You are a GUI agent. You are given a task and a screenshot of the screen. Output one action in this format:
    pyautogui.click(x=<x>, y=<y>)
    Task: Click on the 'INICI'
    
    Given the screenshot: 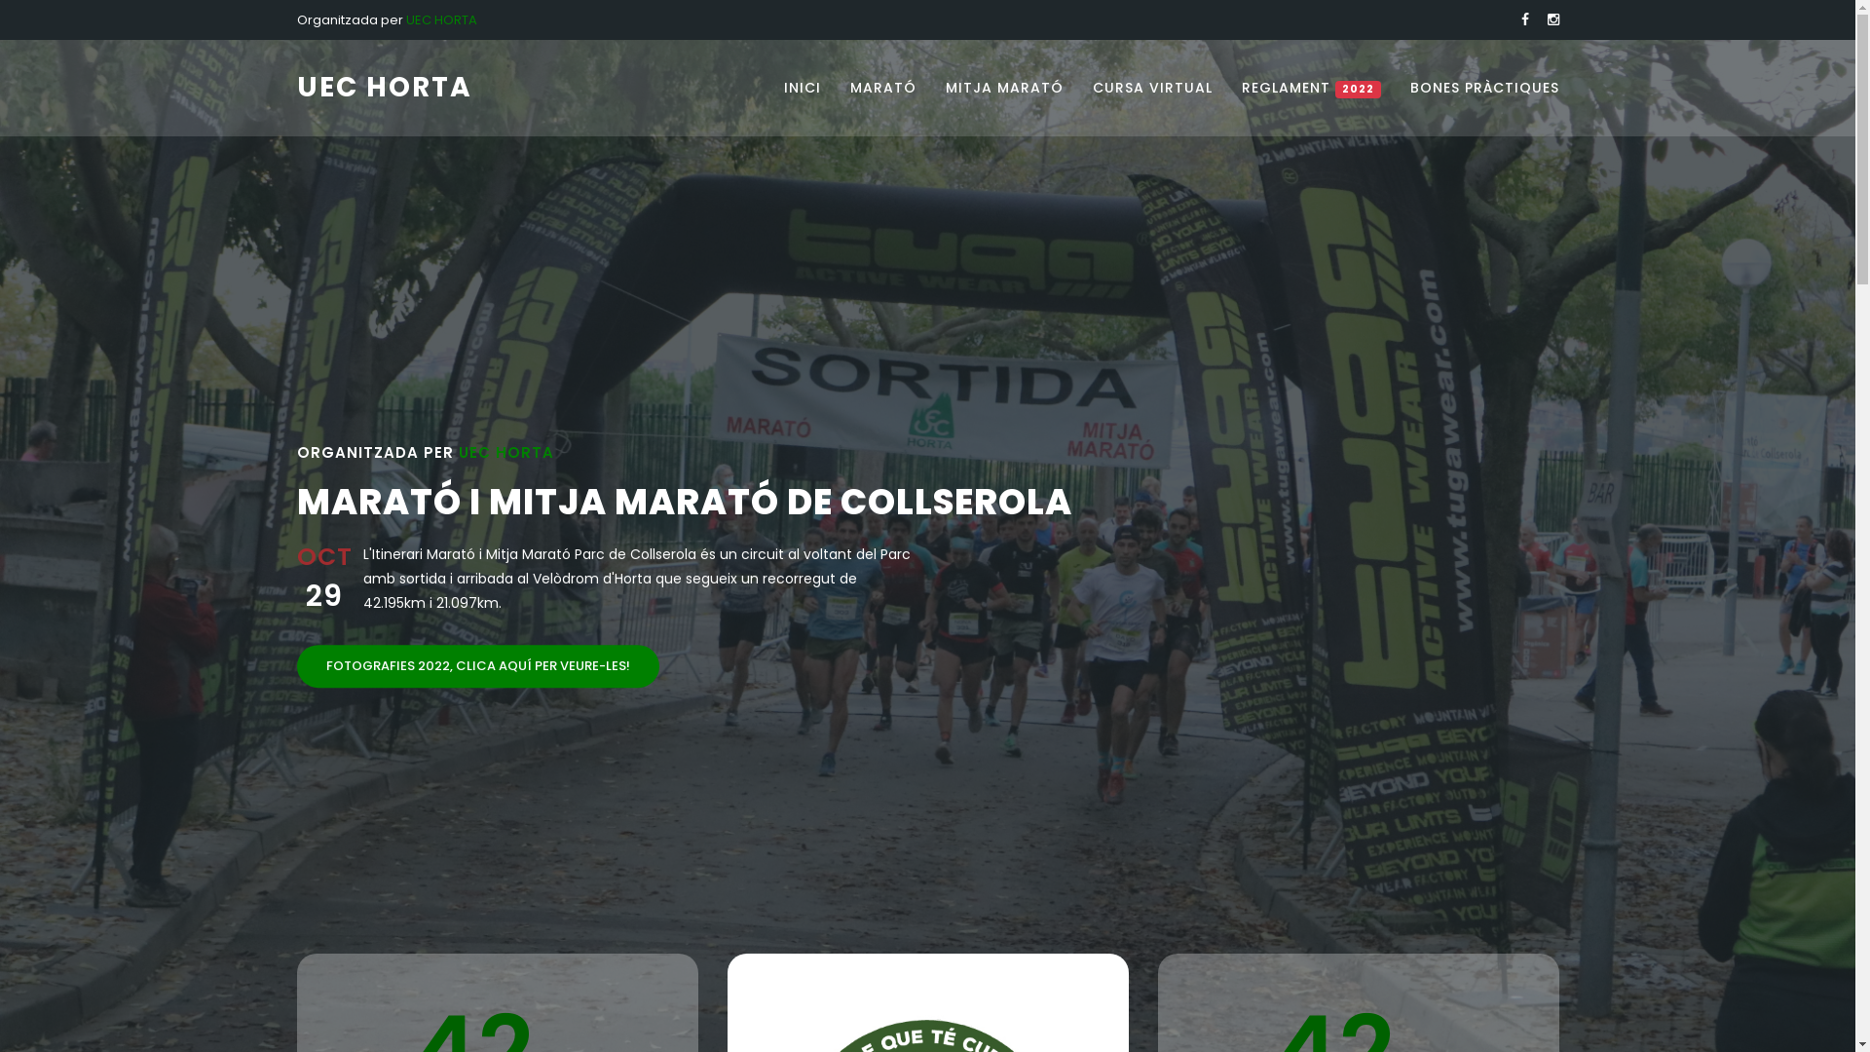 What is the action you would take?
    pyautogui.click(x=803, y=86)
    